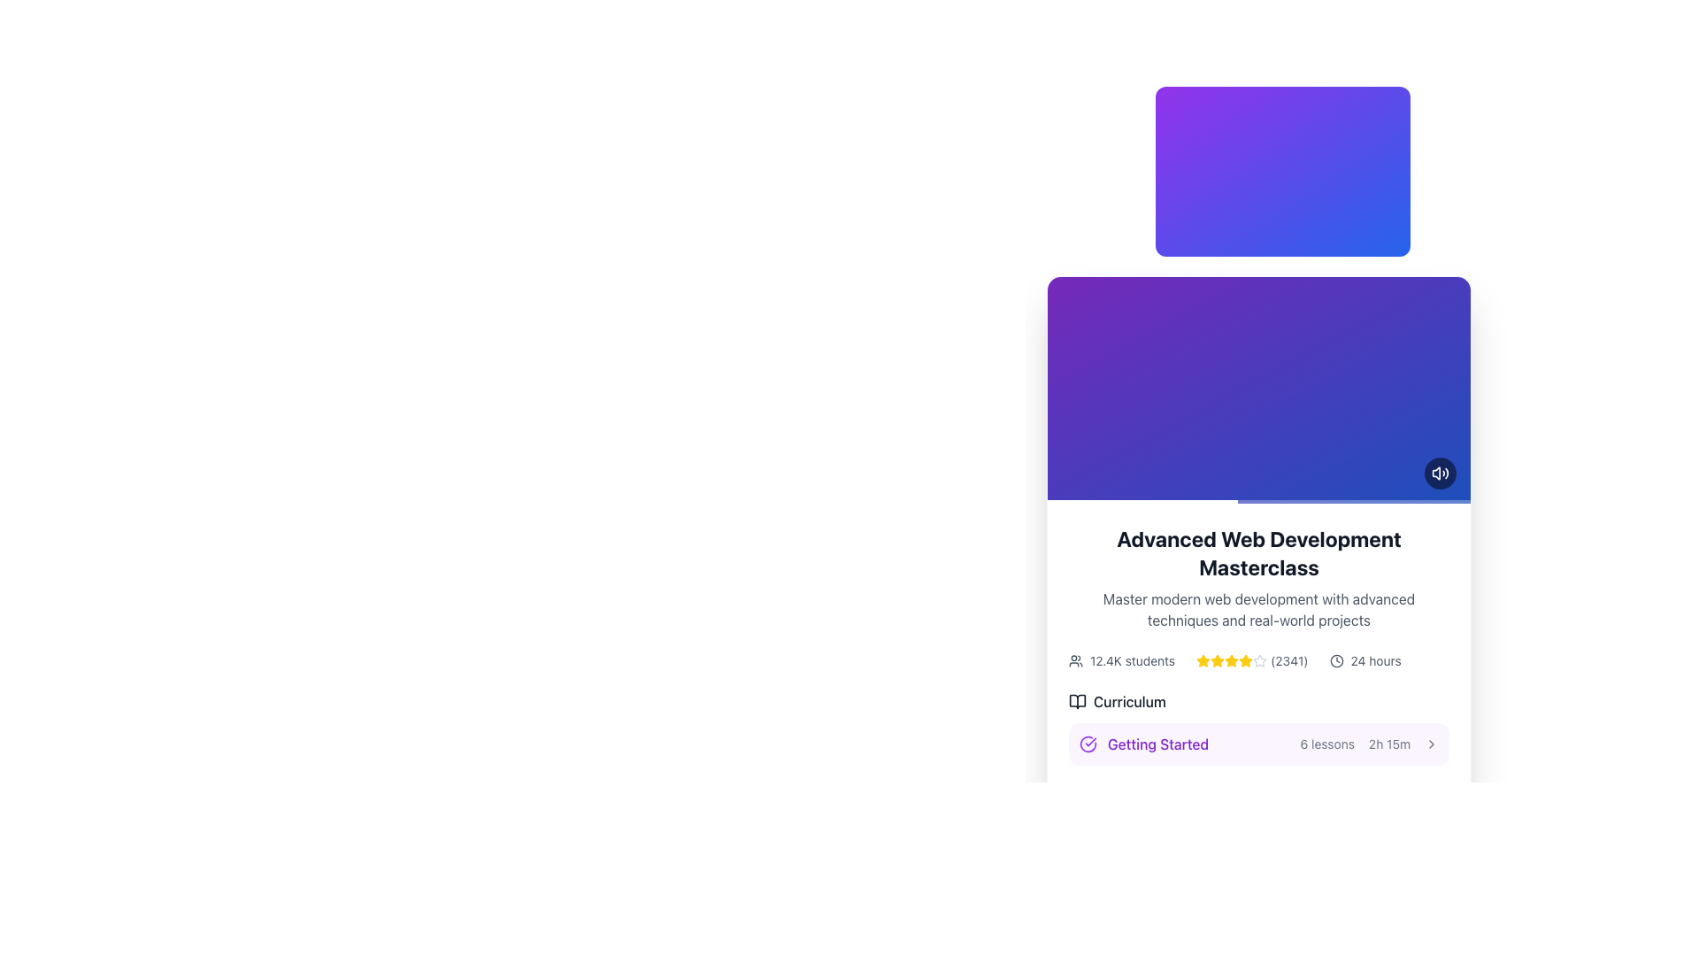 The height and width of the screenshot is (956, 1699). I want to click on the navigational chevron icon located at the far-right end of the line displaying '6 lessons 2h 15m', so click(1431, 744).